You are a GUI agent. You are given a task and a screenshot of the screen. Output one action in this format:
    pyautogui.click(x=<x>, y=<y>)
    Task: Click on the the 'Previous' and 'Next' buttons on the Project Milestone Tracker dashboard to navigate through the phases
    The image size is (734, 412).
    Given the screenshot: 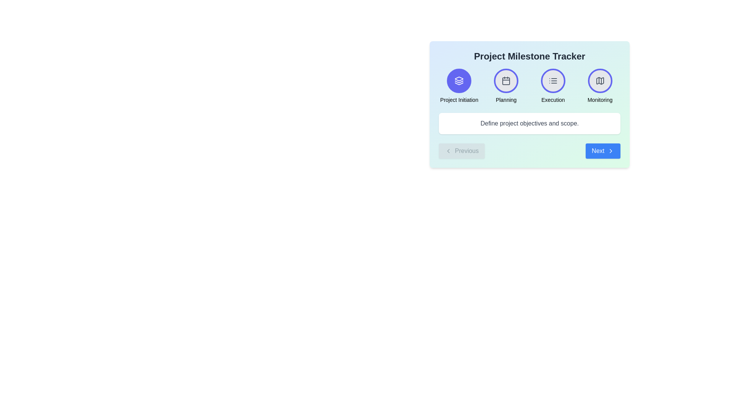 What is the action you would take?
    pyautogui.click(x=529, y=104)
    